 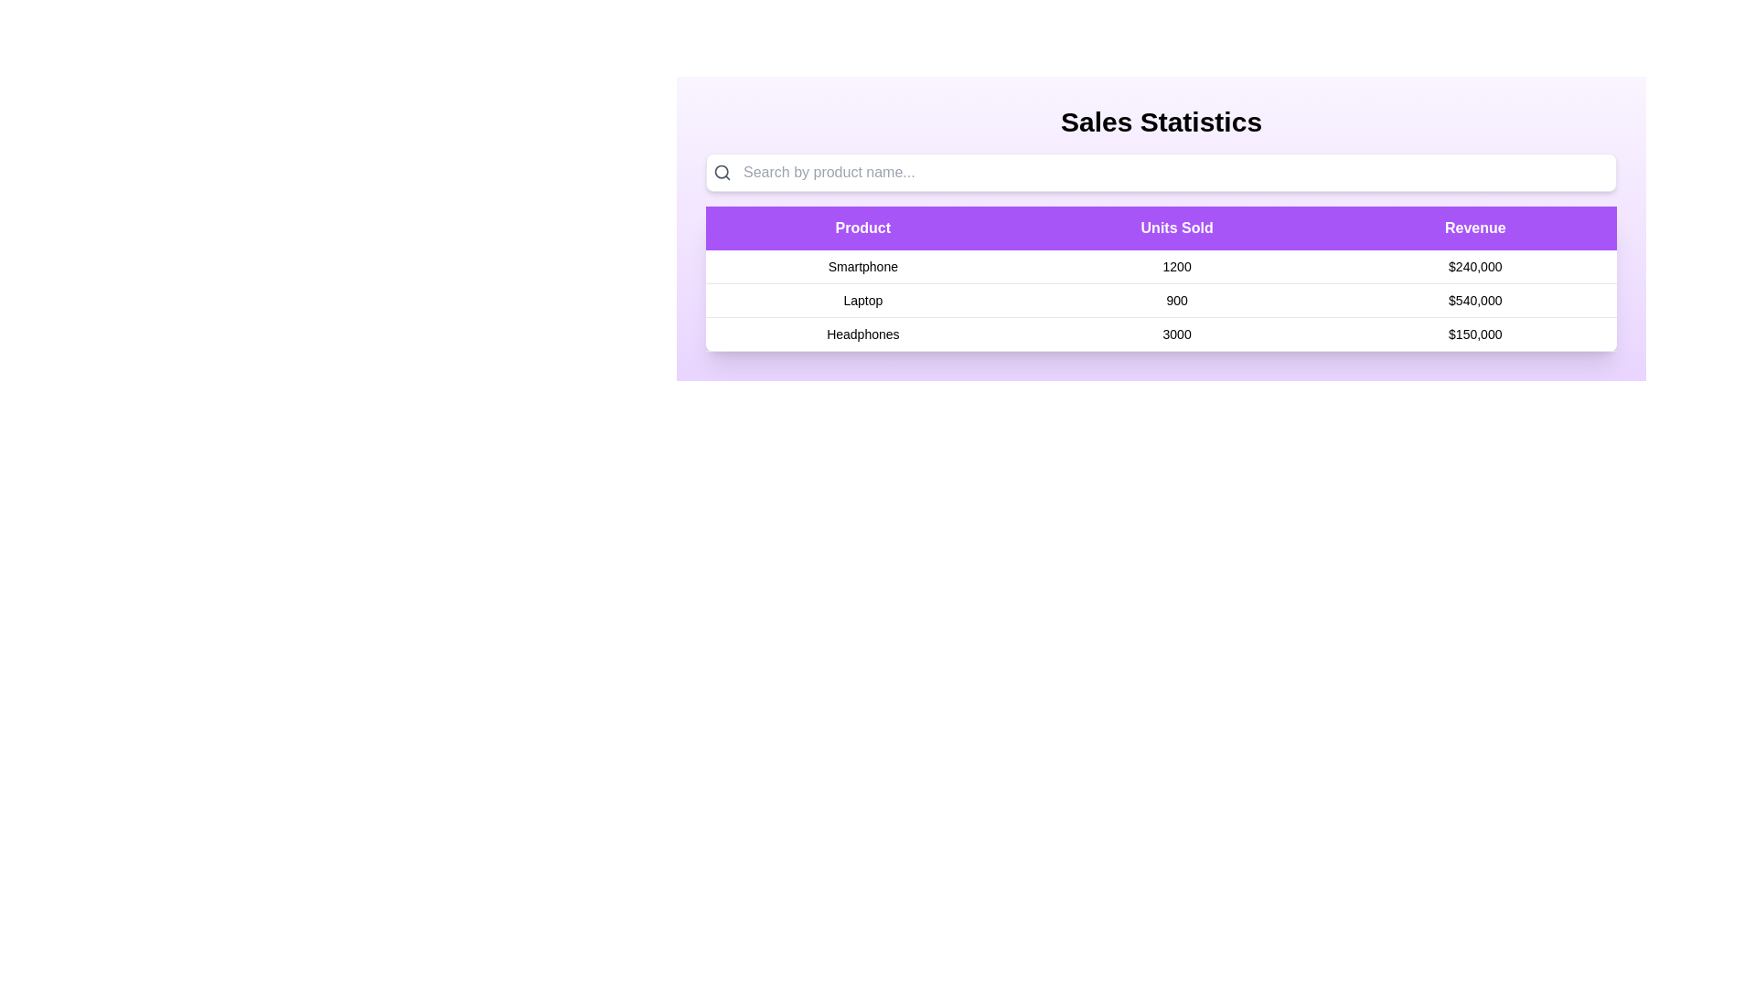 What do you see at coordinates (1475, 228) in the screenshot?
I see `the header Revenue to examine its content` at bounding box center [1475, 228].